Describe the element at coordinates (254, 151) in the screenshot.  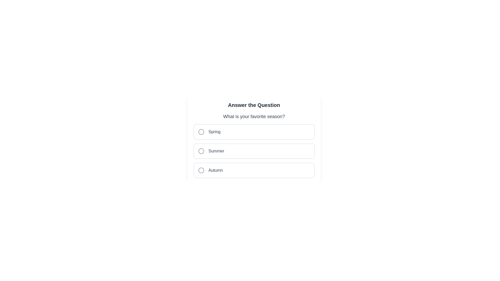
I see `the 'Summer' radio button option` at that location.